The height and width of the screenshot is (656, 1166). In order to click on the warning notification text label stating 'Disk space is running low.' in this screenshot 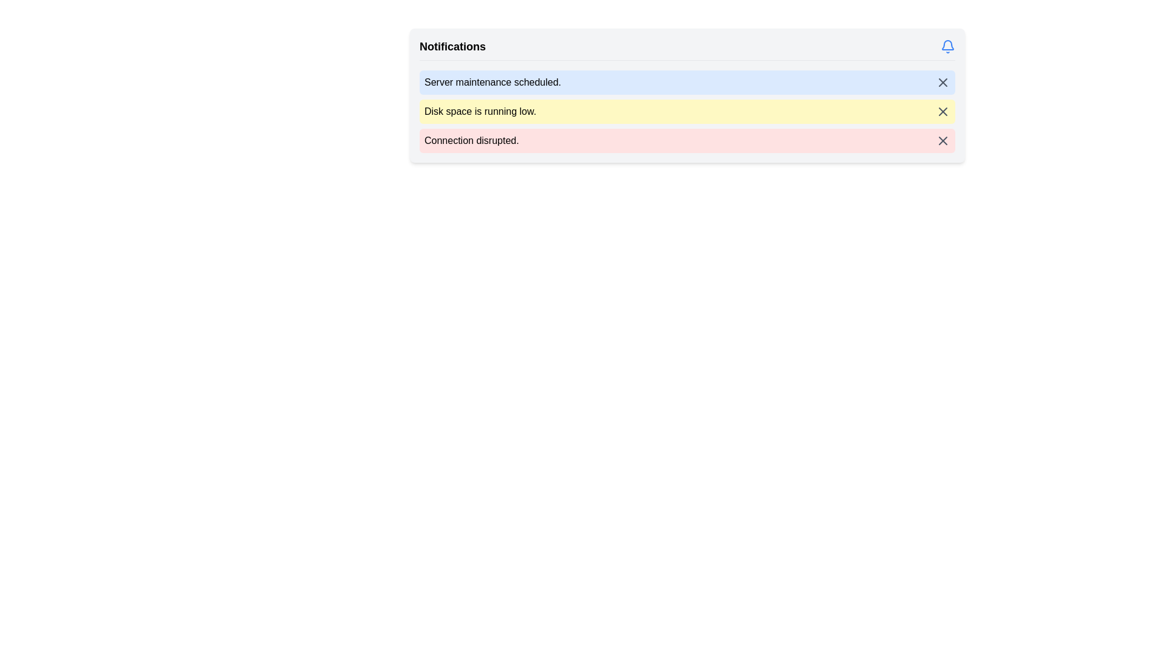, I will do `click(480, 112)`.